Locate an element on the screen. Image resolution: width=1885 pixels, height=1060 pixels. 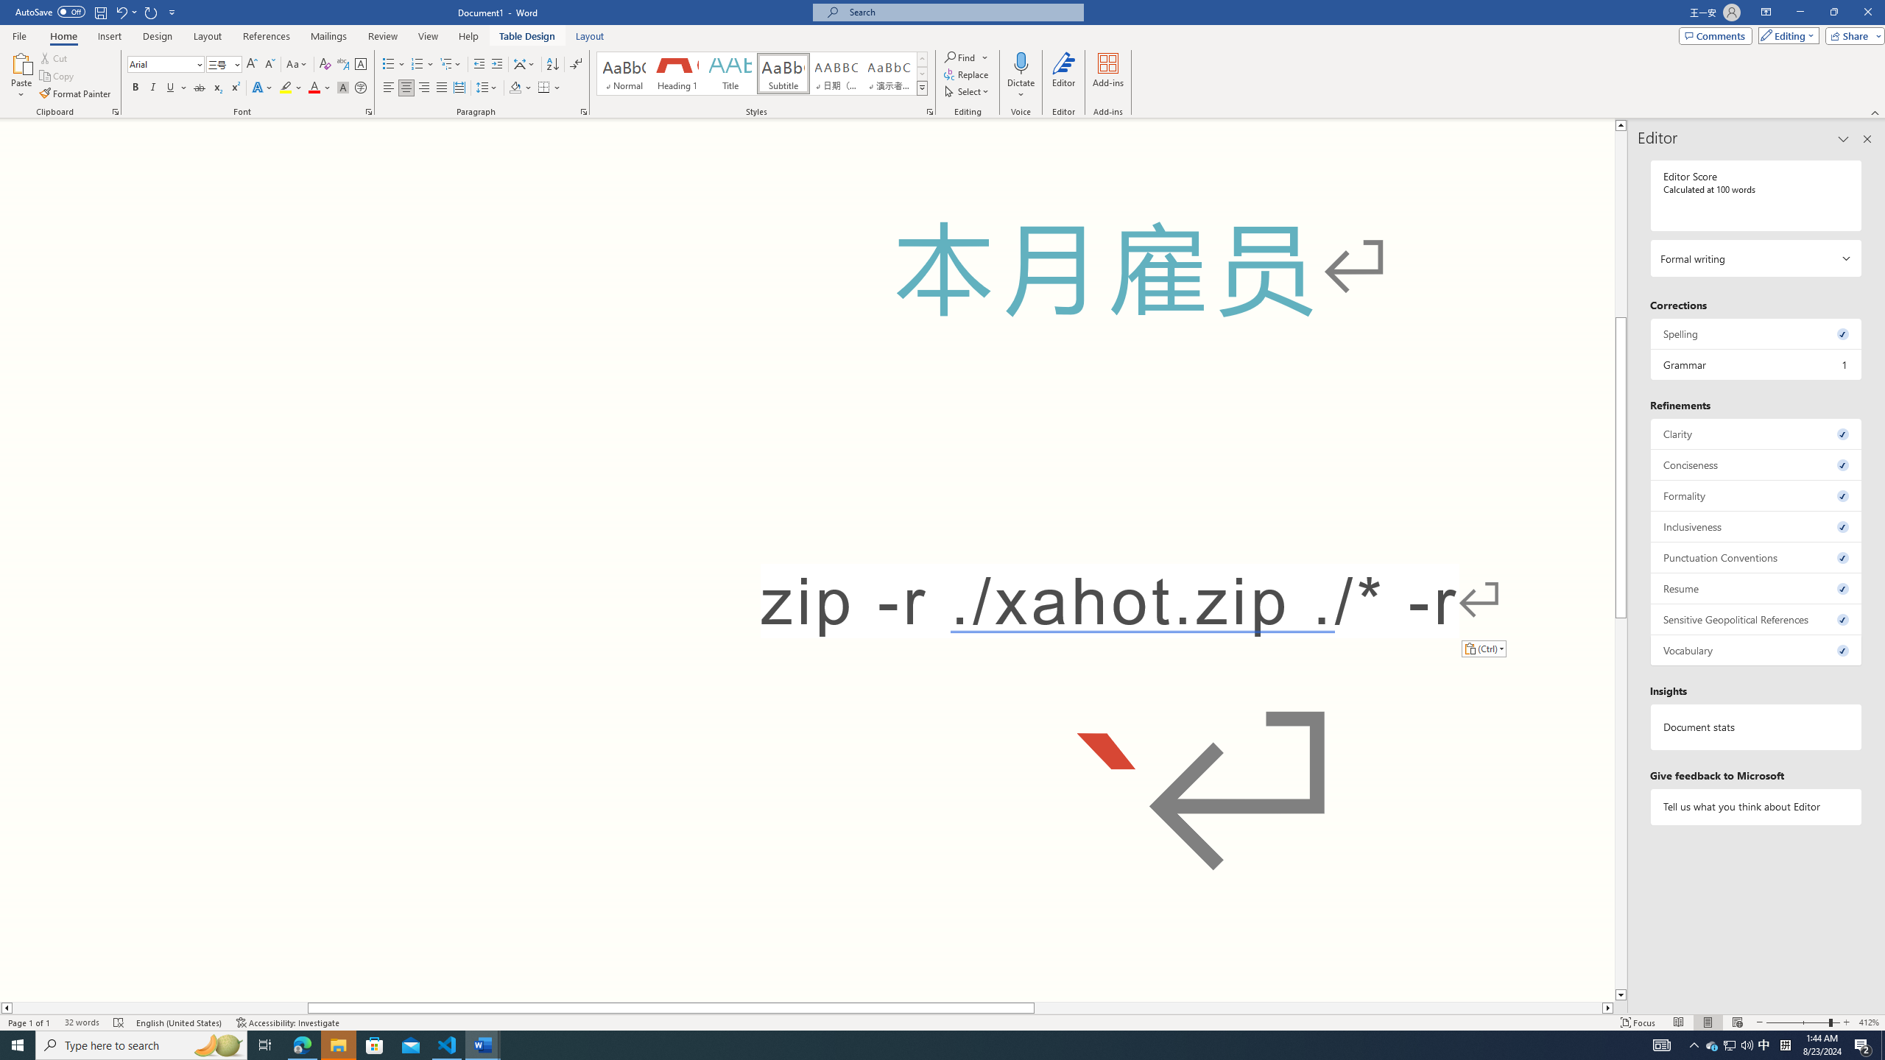
'Copy' is located at coordinates (57, 76).